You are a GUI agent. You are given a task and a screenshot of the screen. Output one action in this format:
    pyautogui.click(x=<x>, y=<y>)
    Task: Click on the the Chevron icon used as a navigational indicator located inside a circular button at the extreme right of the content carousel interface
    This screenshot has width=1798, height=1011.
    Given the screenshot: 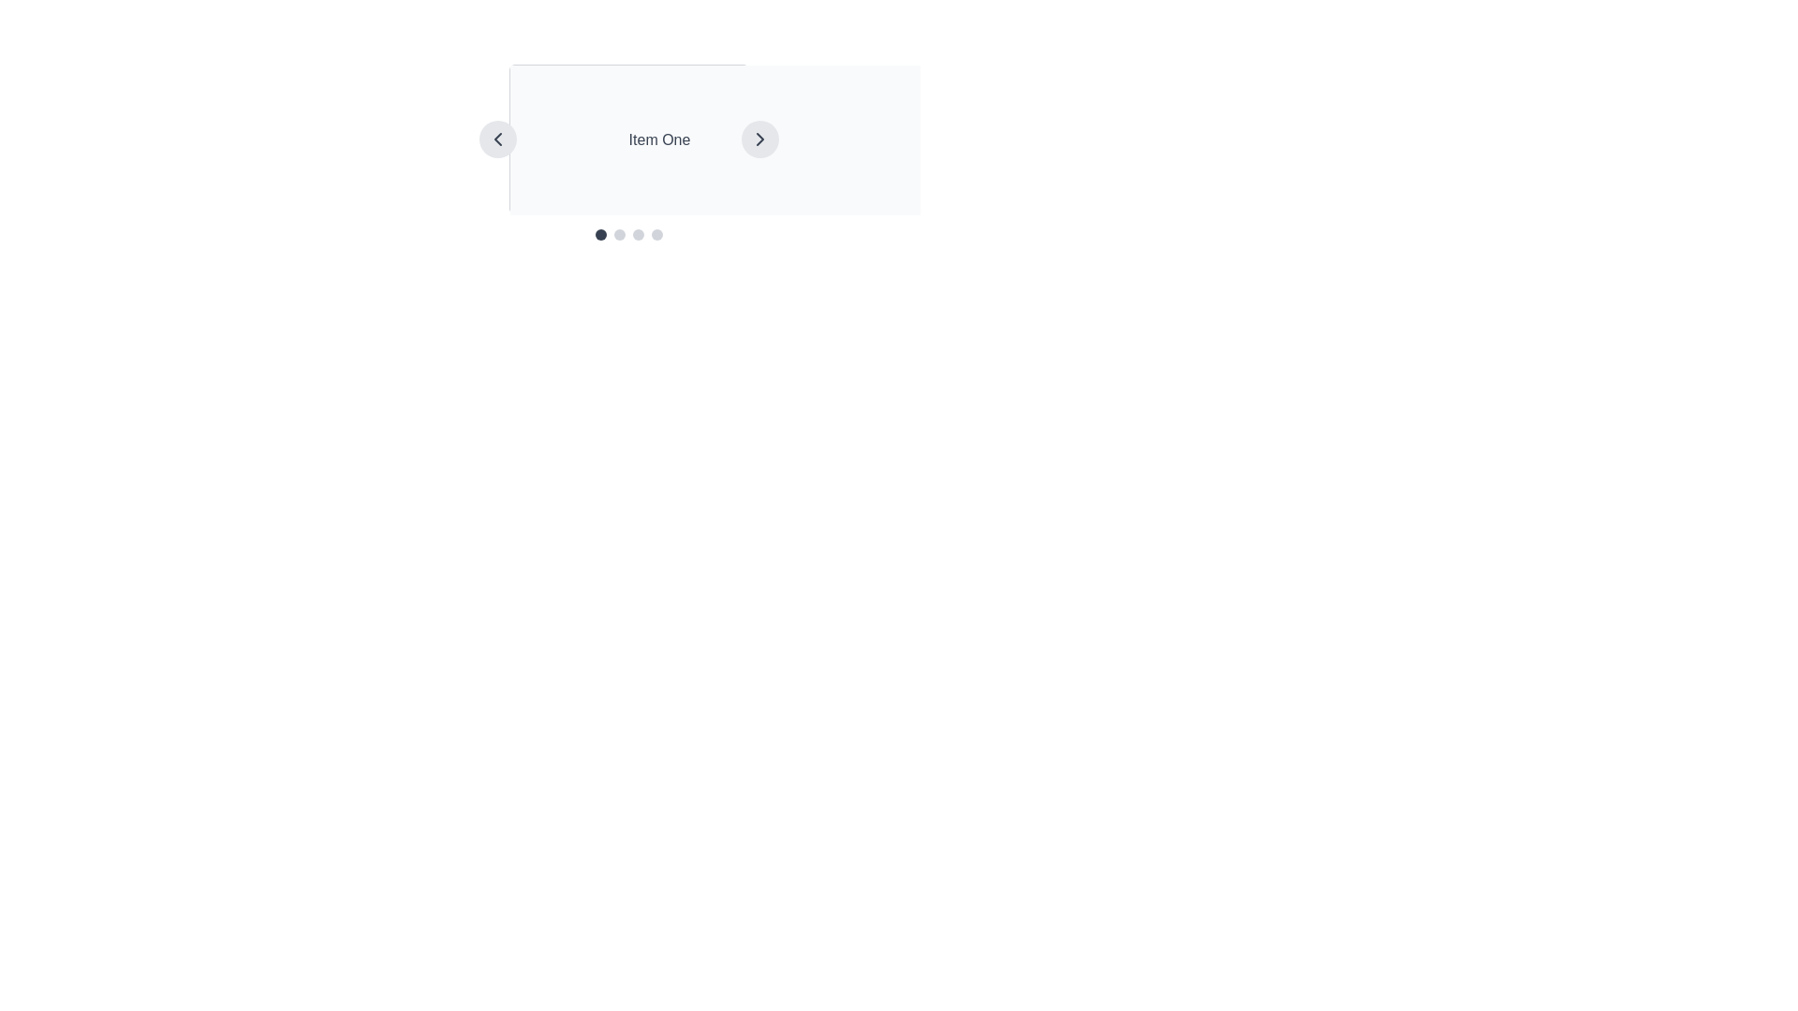 What is the action you would take?
    pyautogui.click(x=759, y=139)
    